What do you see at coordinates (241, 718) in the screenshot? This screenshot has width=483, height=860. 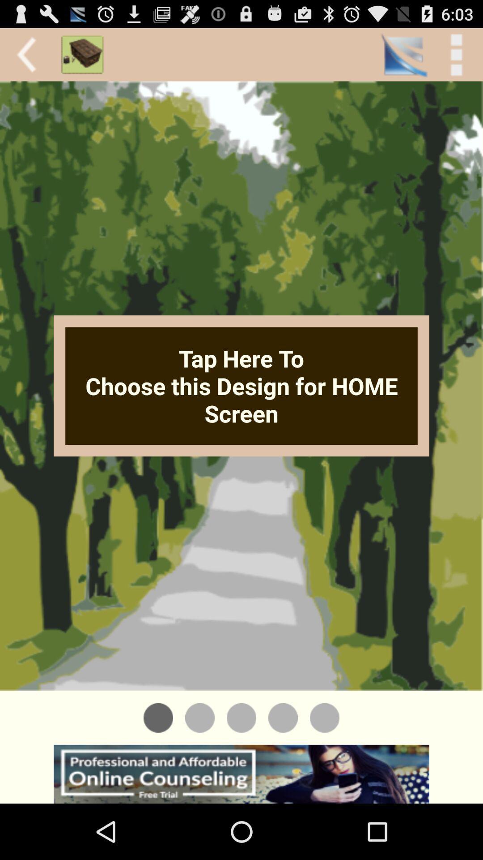 I see `this page` at bounding box center [241, 718].